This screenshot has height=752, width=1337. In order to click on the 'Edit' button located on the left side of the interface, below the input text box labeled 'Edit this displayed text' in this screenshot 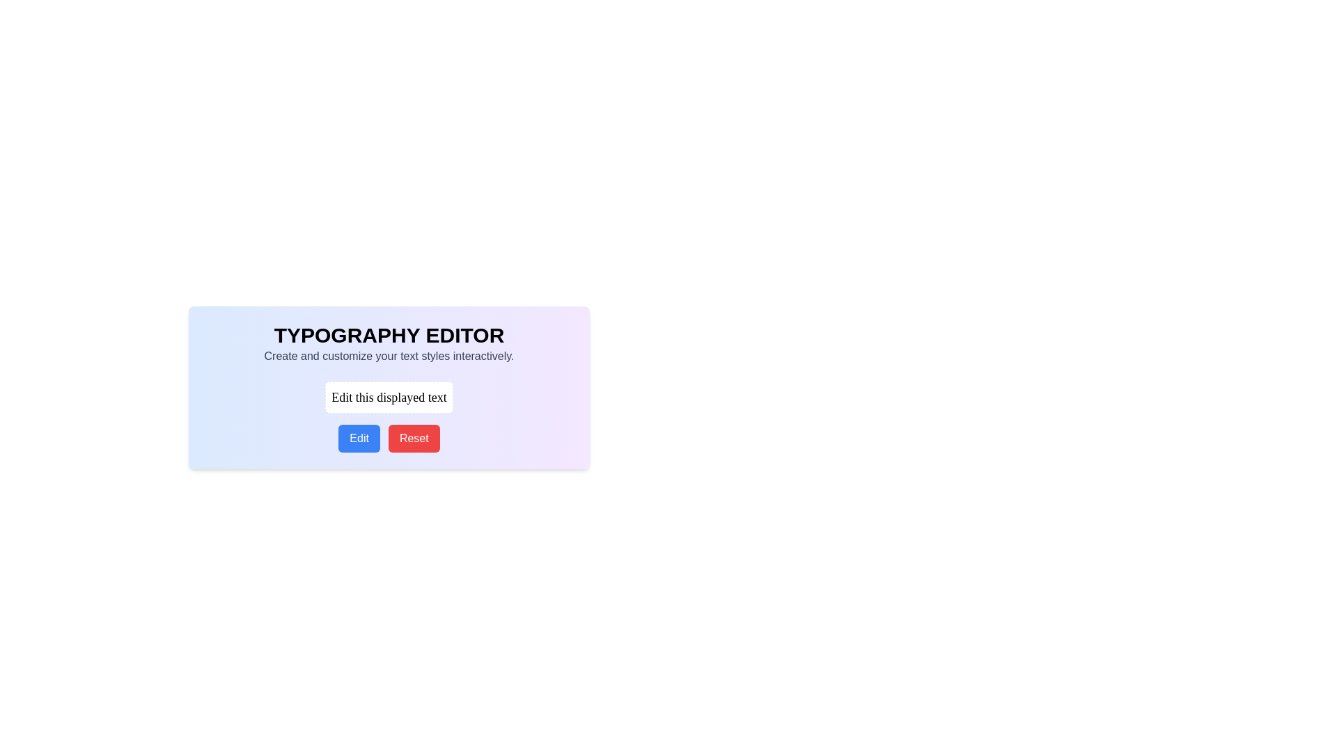, I will do `click(359, 437)`.